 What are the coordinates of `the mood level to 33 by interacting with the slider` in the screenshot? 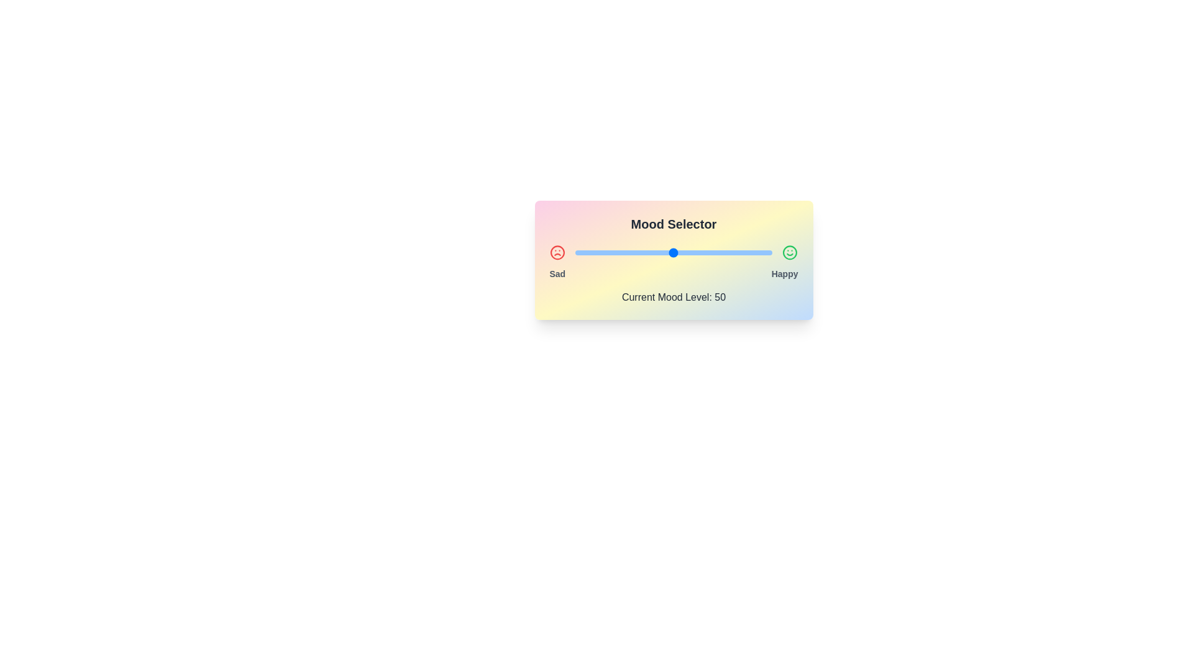 It's located at (640, 252).